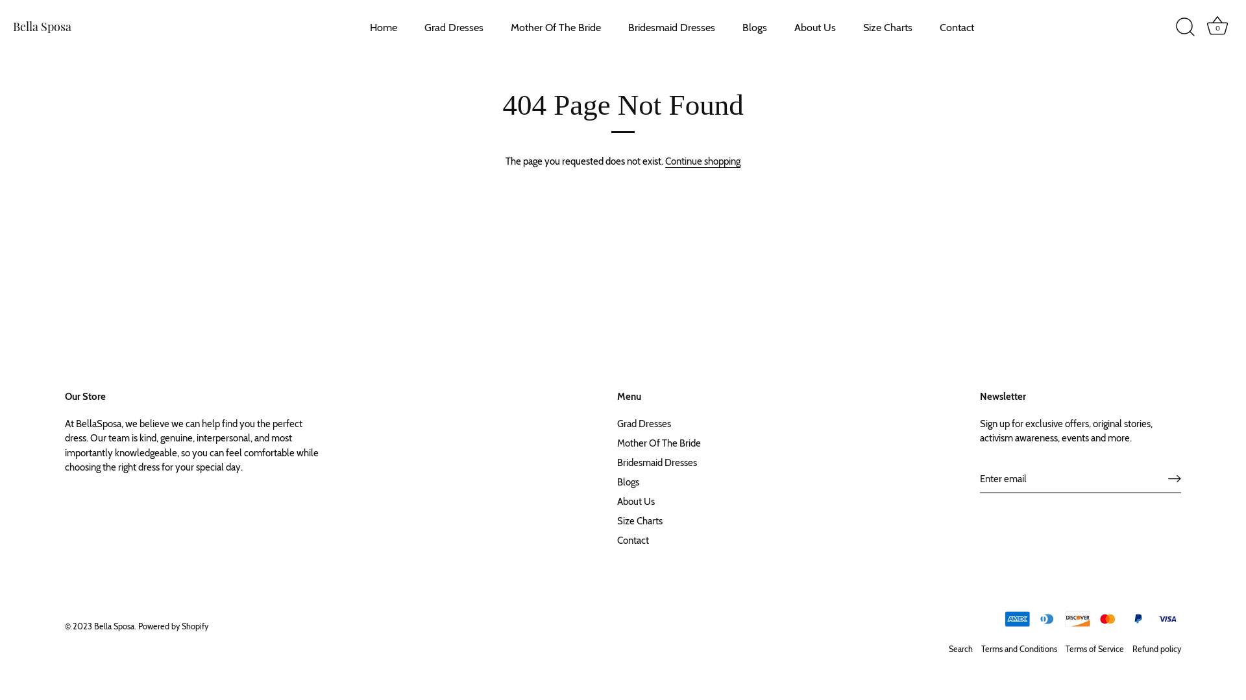 The width and height of the screenshot is (1246, 700). Describe the element at coordinates (949, 648) in the screenshot. I see `'Search'` at that location.